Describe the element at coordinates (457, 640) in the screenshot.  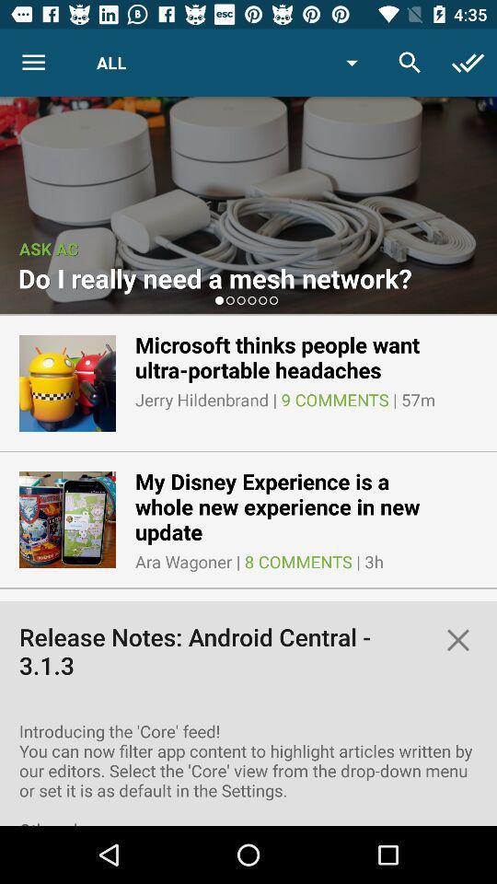
I see `the close icon` at that location.